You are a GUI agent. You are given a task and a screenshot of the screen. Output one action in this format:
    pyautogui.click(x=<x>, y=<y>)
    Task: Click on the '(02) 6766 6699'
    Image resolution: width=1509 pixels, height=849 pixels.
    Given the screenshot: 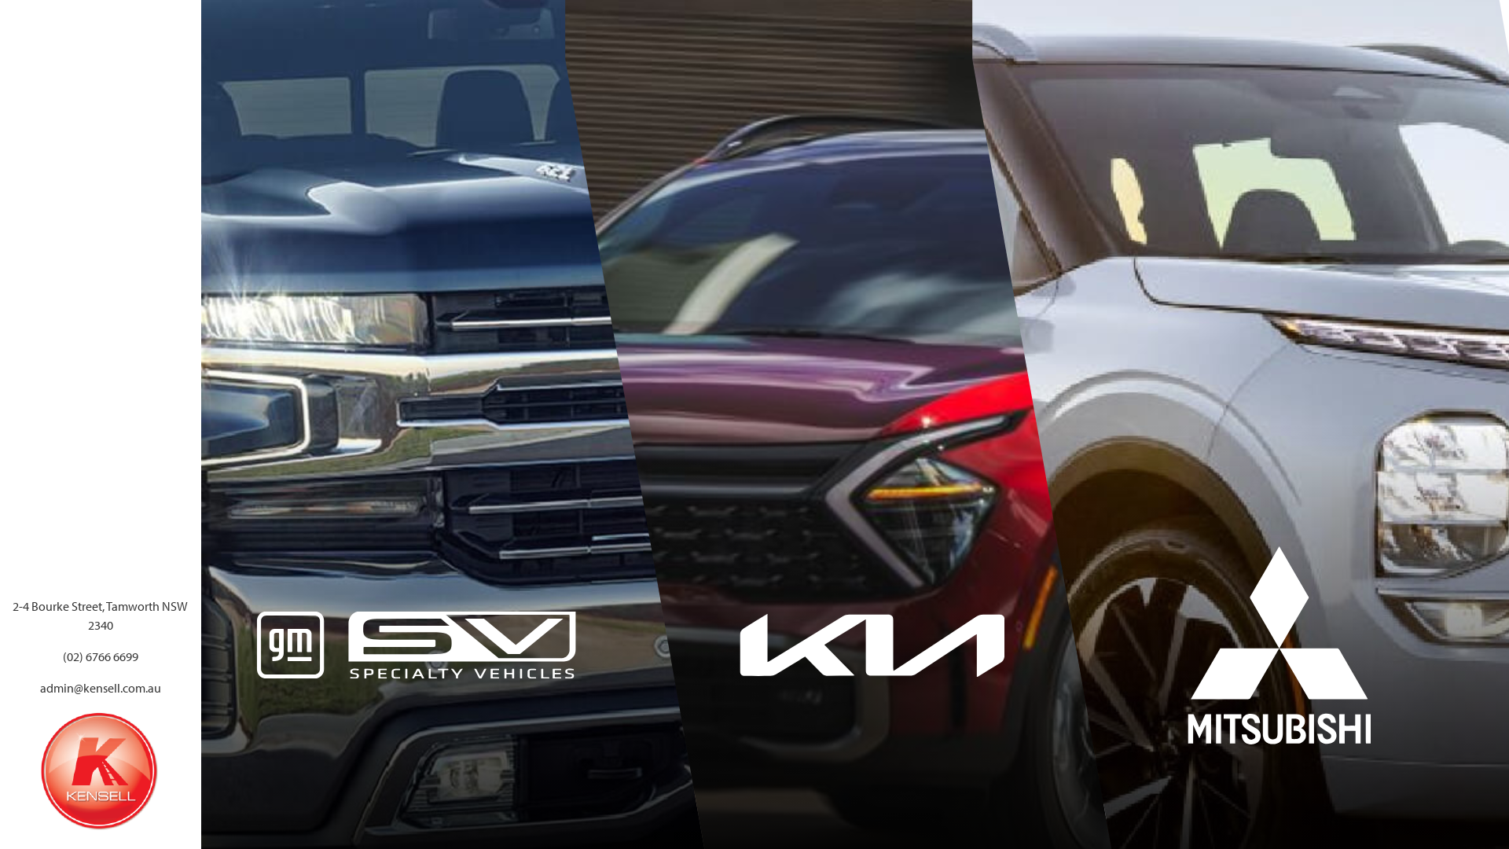 What is the action you would take?
    pyautogui.click(x=63, y=656)
    